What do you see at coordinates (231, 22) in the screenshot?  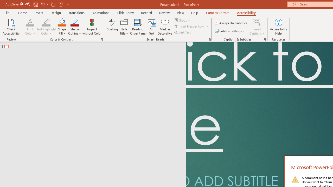 I see `'Always Use Subtitles'` at bounding box center [231, 22].